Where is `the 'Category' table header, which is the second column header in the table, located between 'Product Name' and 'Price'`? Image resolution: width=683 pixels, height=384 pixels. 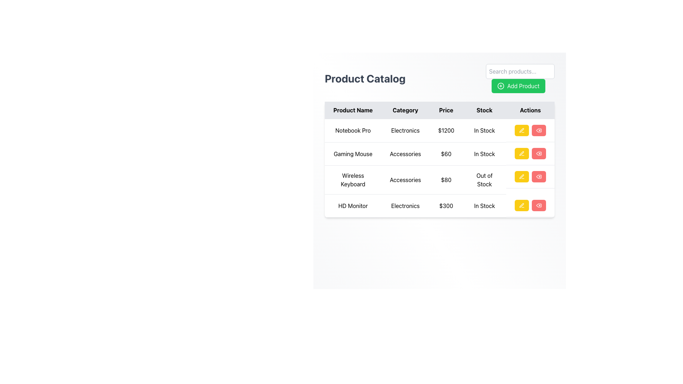
the 'Category' table header, which is the second column header in the table, located between 'Product Name' and 'Price' is located at coordinates (405, 110).